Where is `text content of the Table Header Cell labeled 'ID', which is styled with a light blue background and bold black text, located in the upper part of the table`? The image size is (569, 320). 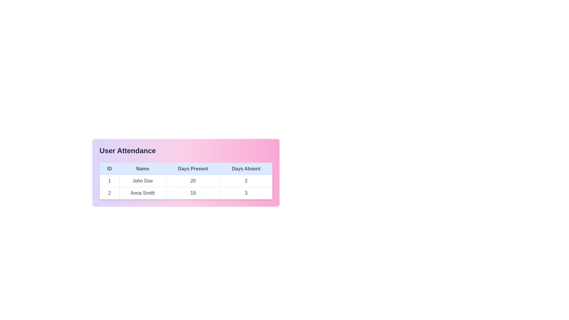
text content of the Table Header Cell labeled 'ID', which is styled with a light blue background and bold black text, located in the upper part of the table is located at coordinates (109, 169).